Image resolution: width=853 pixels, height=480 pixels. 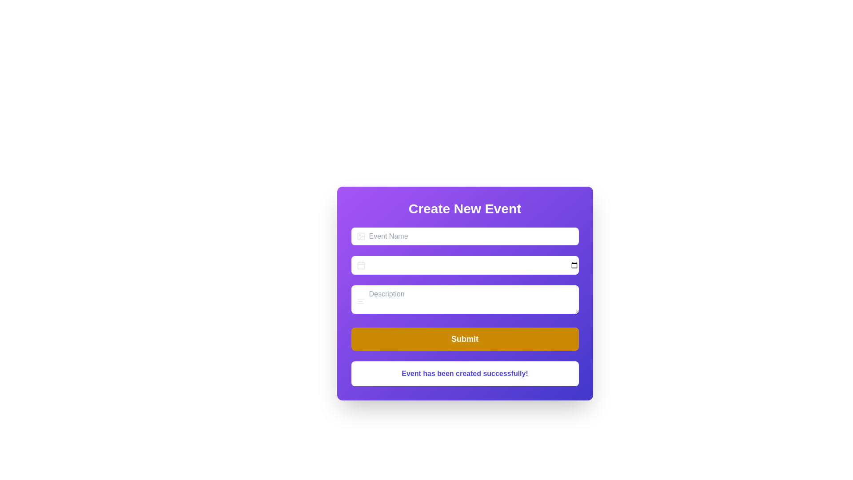 What do you see at coordinates (464, 339) in the screenshot?
I see `the 'Submit' button, which is a rectangular button with rounded corners, vibrant yellow background, and white text, located at the bottom of the form` at bounding box center [464, 339].